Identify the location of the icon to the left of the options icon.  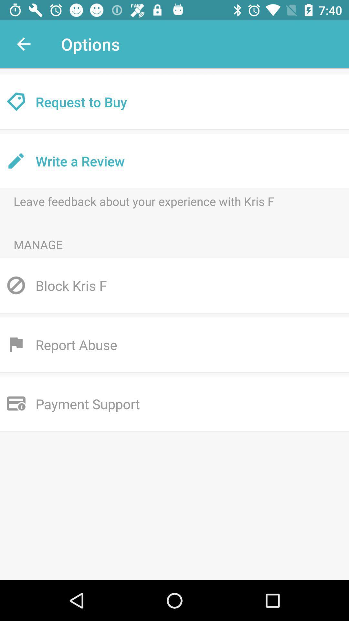
(23, 44).